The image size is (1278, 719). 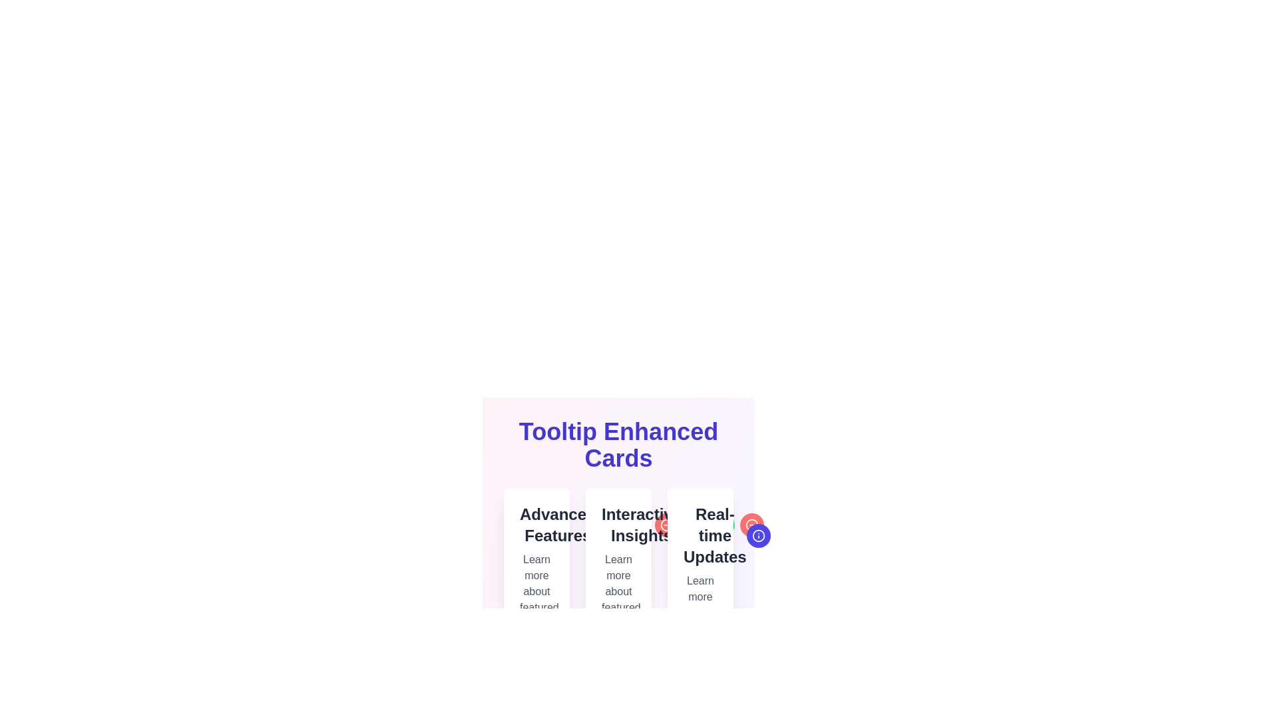 I want to click on the interactive title text located at the top of the leftmost card in the horizontally aligned collection of cards under 'Tooltip Enhanced Cards', so click(x=536, y=525).